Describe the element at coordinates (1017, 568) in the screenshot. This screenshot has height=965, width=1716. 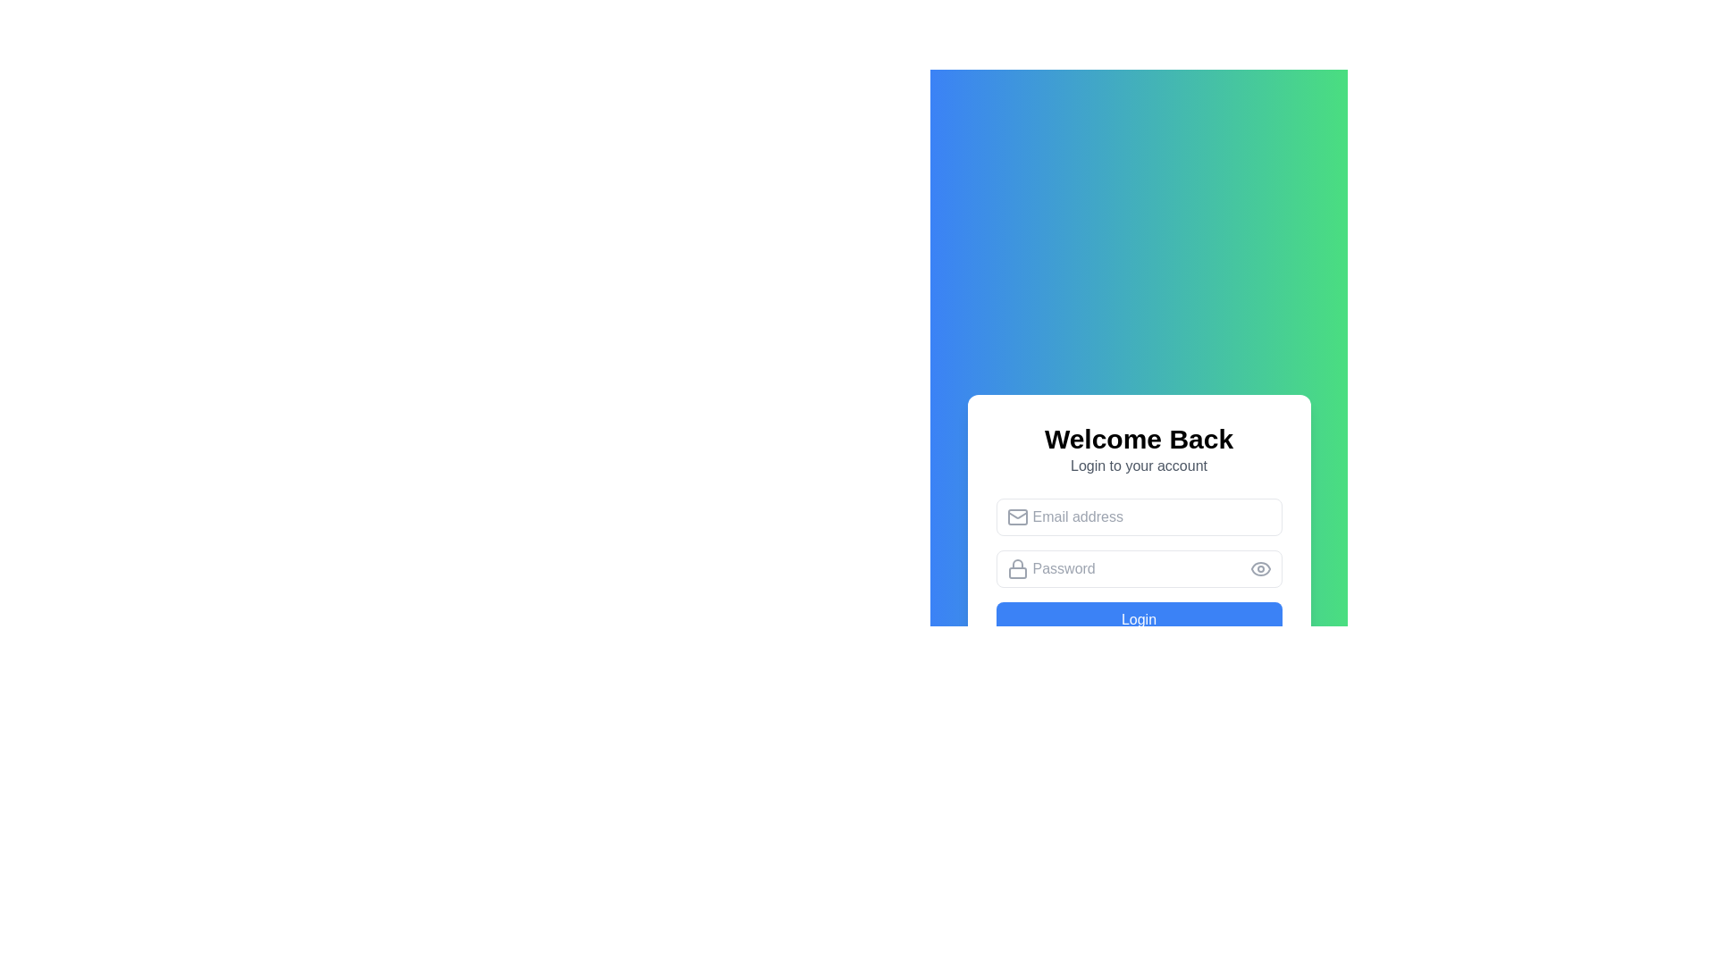
I see `the grey lock icon located to the left within the password input field of the login form` at that location.